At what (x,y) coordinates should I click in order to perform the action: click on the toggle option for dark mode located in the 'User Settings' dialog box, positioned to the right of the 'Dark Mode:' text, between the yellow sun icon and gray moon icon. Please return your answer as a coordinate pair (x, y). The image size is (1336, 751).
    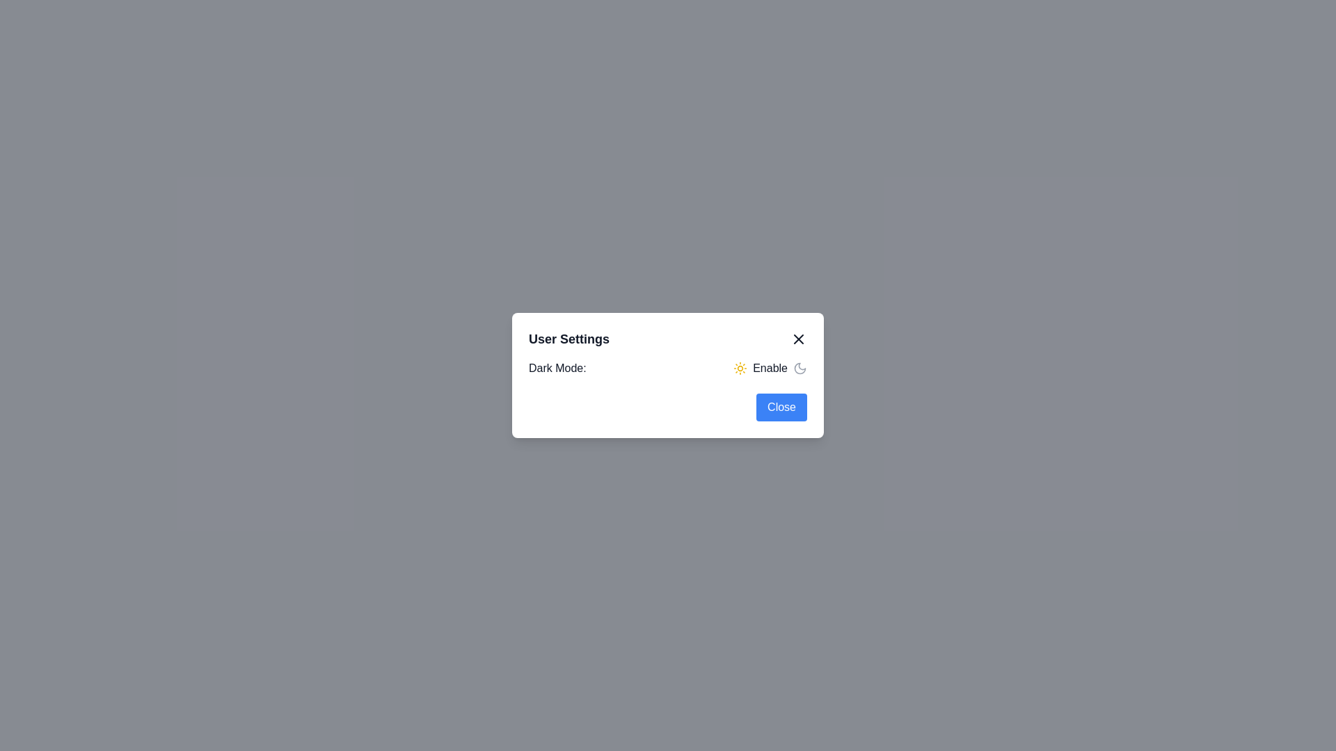
    Looking at the image, I should click on (770, 367).